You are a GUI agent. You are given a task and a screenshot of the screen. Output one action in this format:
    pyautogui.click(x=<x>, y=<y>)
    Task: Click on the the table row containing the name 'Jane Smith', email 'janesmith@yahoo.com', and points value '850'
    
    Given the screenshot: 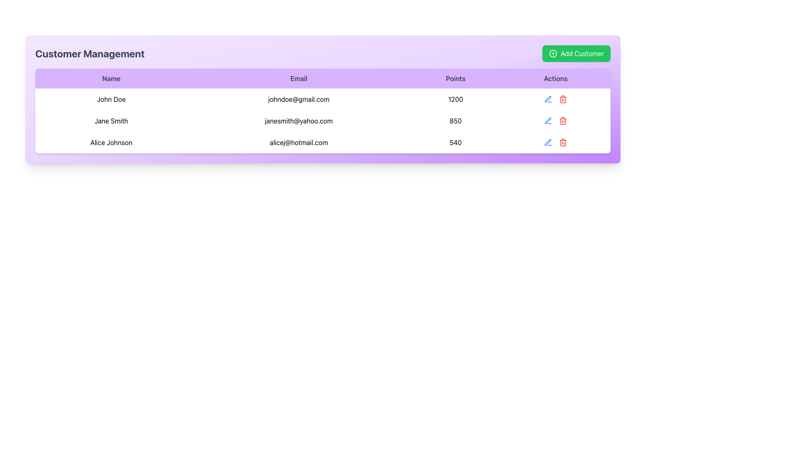 What is the action you would take?
    pyautogui.click(x=323, y=121)
    